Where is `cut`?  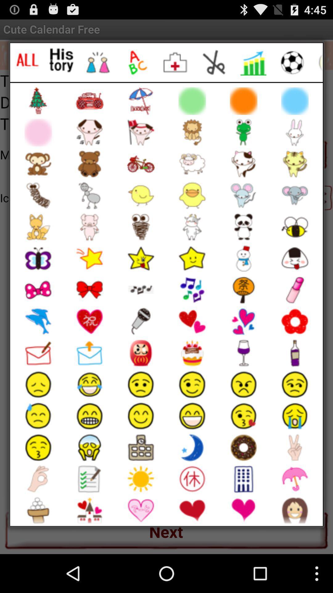 cut is located at coordinates (214, 62).